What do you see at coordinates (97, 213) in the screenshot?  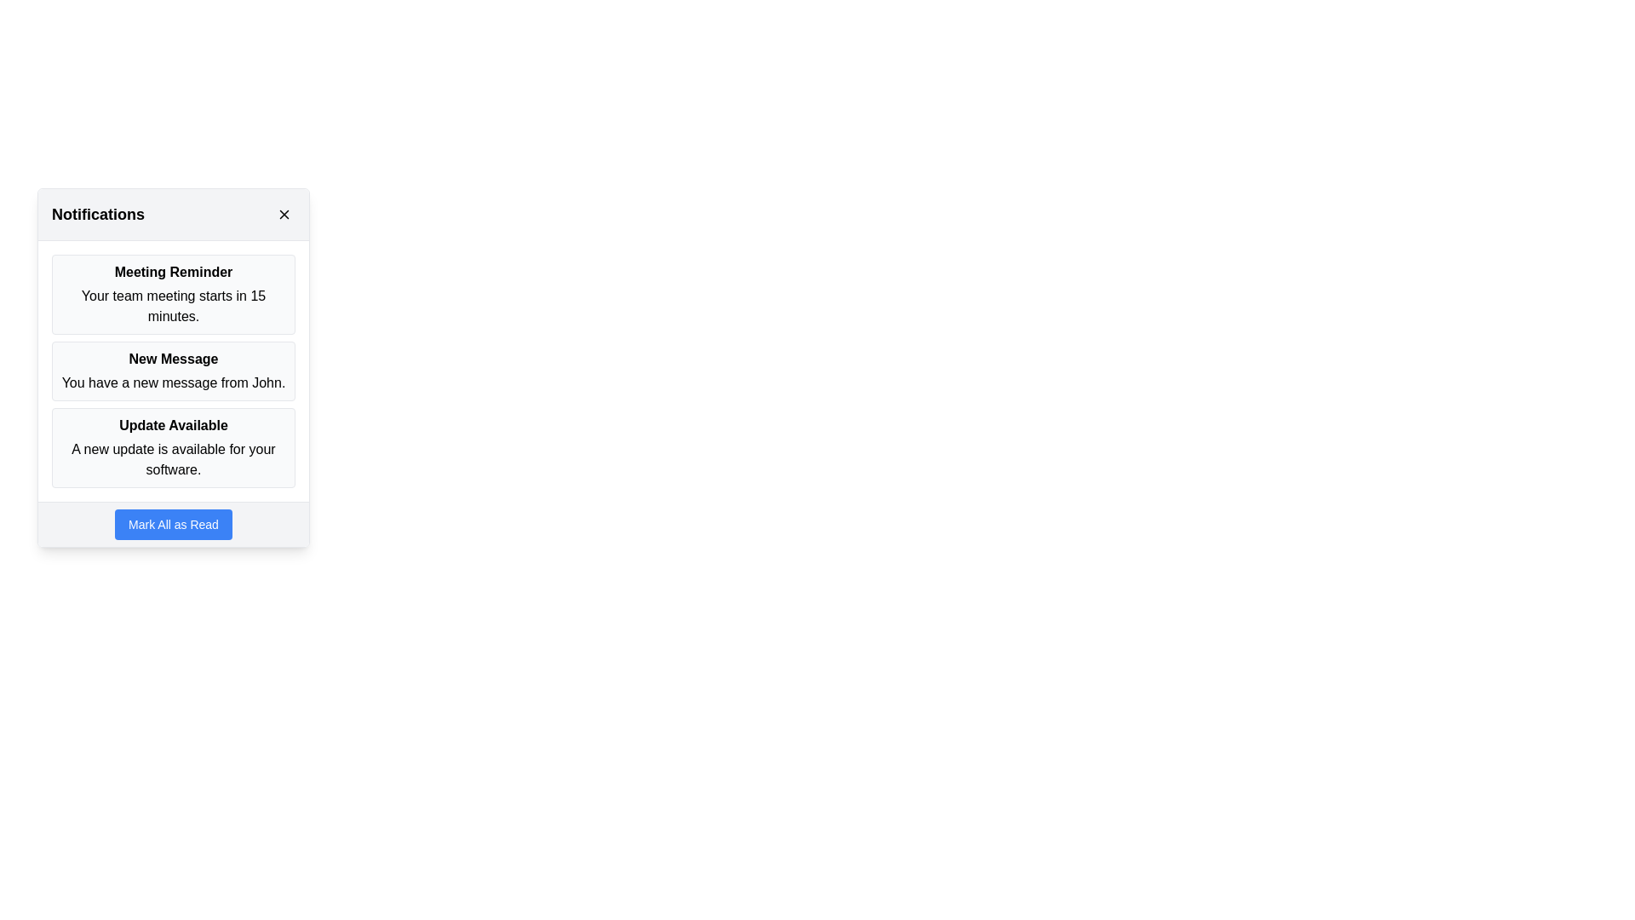 I see `the 'Notifications' text label, which is bold and larger, located at the top left of the panel before the 'Close Panel' button` at bounding box center [97, 213].